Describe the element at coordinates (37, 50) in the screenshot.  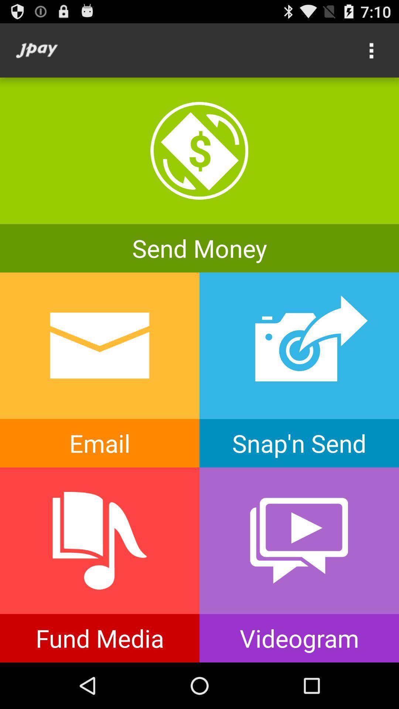
I see `return to home screen` at that location.